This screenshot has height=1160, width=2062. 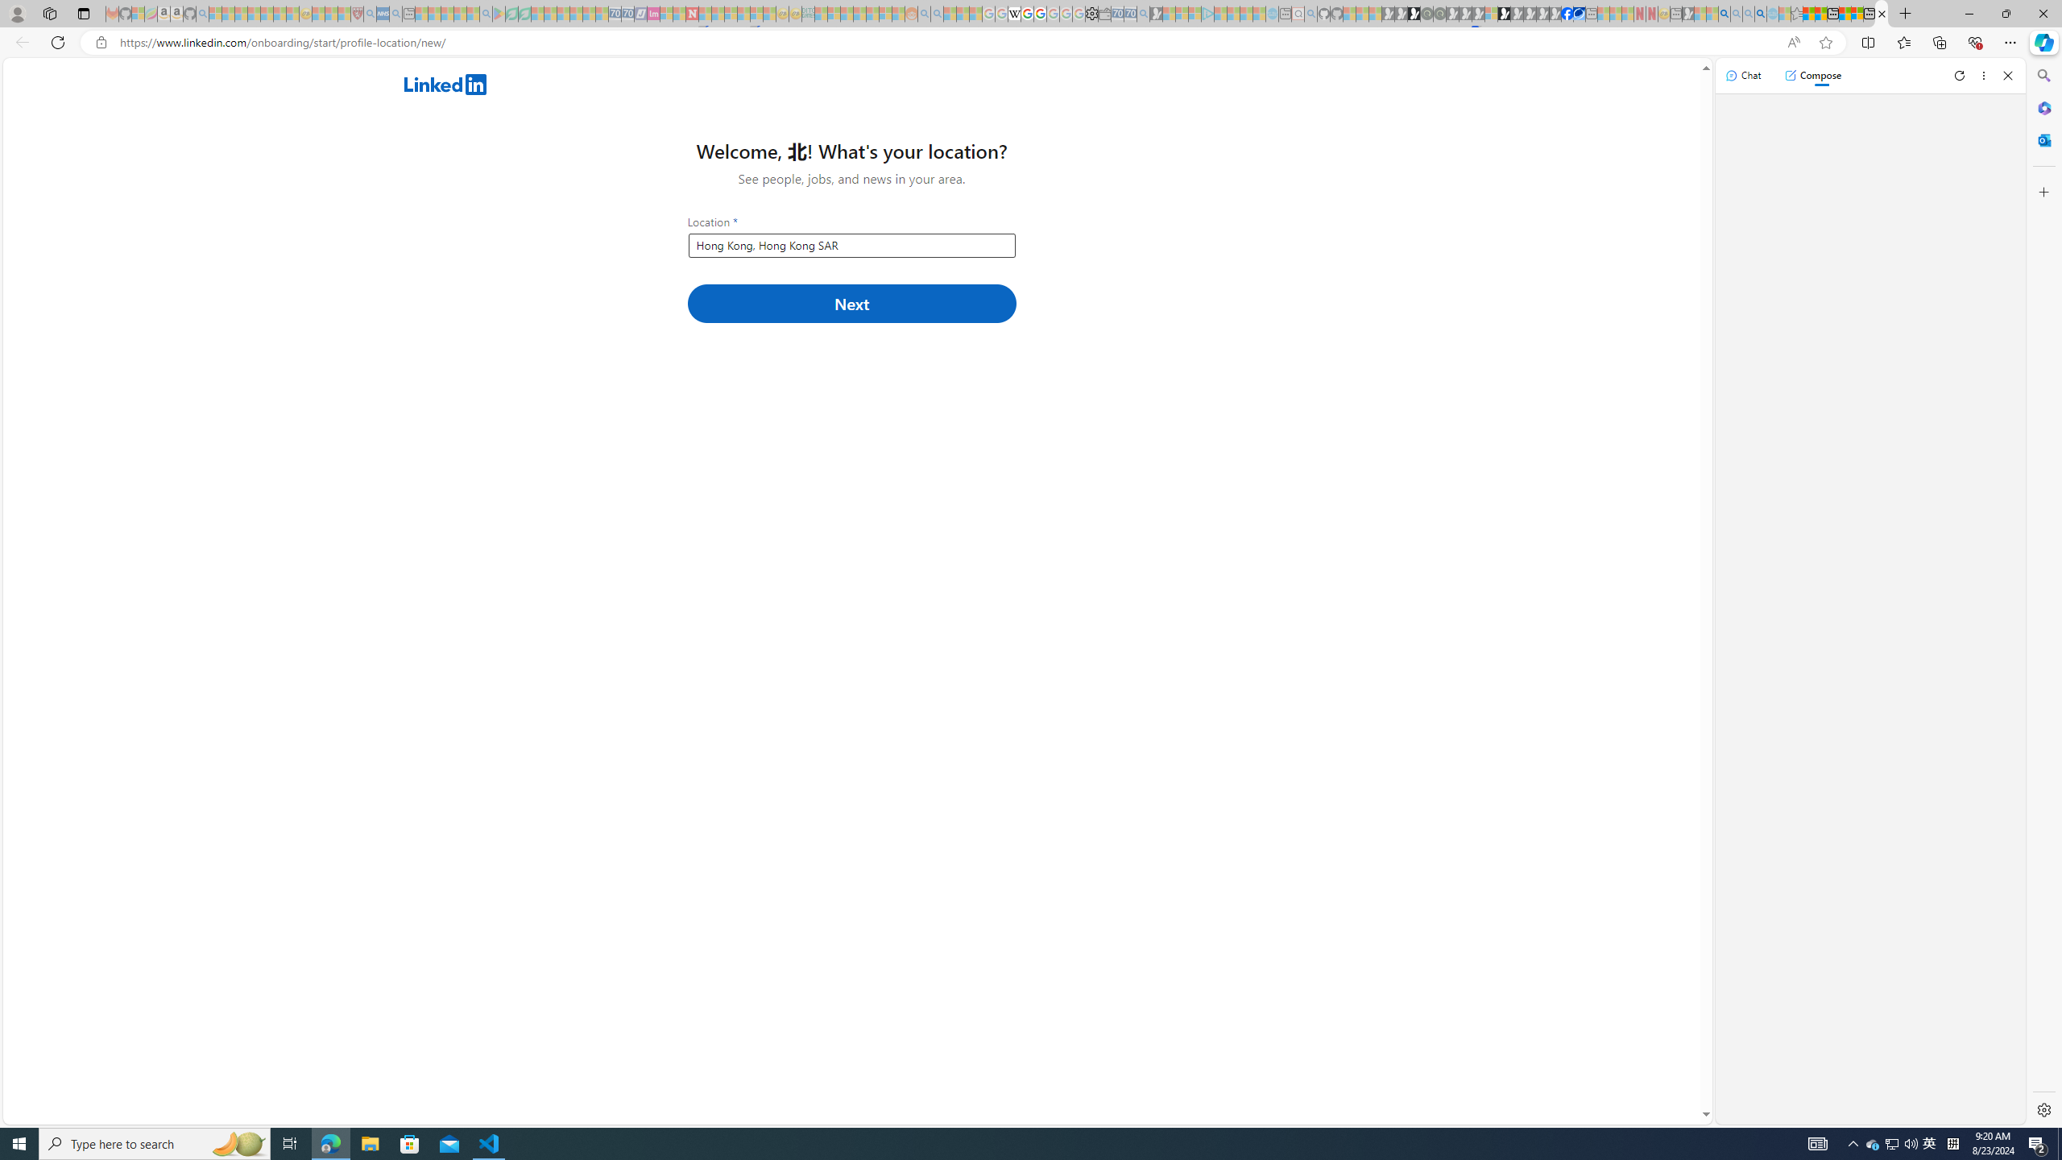 I want to click on 'Google Chrome Internet Browser Download - Search Images', so click(x=1760, y=13).